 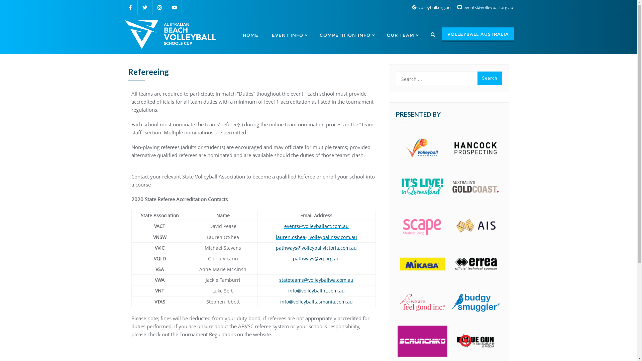 I want to click on 'EVENT INFO', so click(x=289, y=34).